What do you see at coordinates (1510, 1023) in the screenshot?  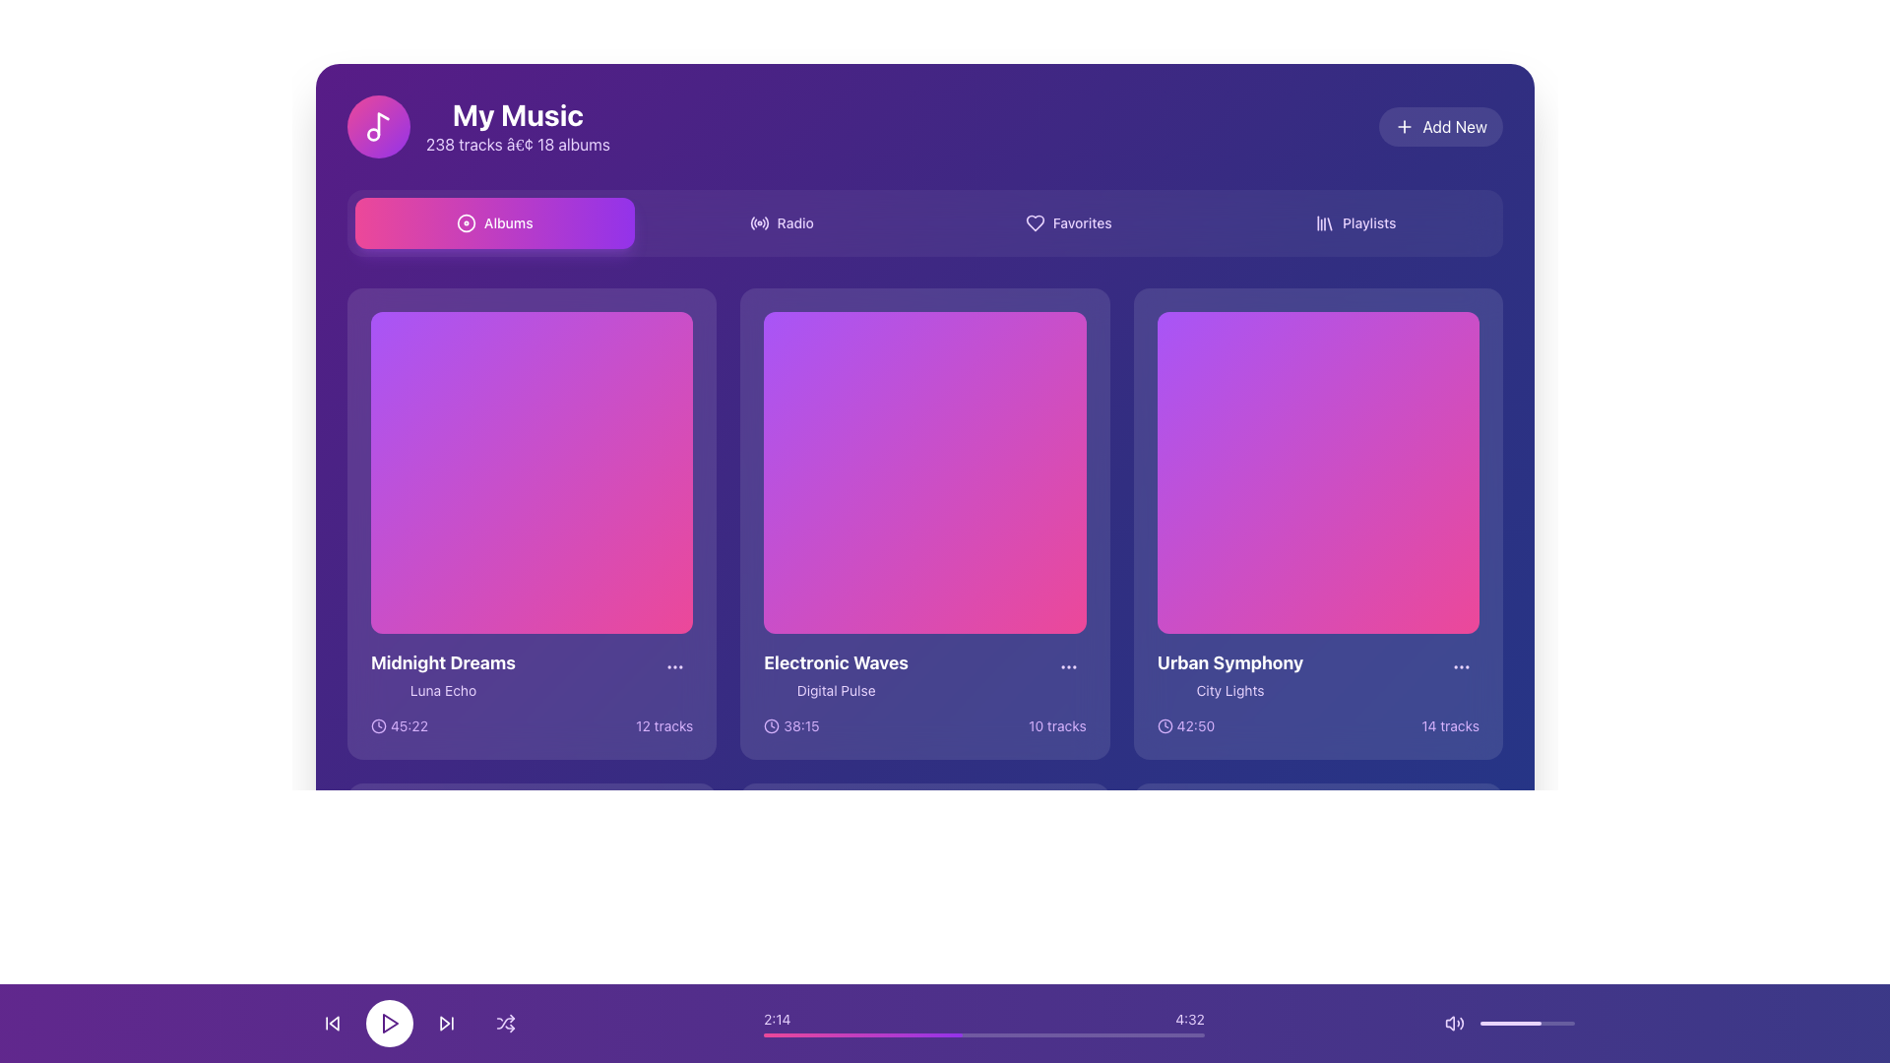 I see `the purple segment of the progress bar located at the bottom-right corner of the application interface` at bounding box center [1510, 1023].